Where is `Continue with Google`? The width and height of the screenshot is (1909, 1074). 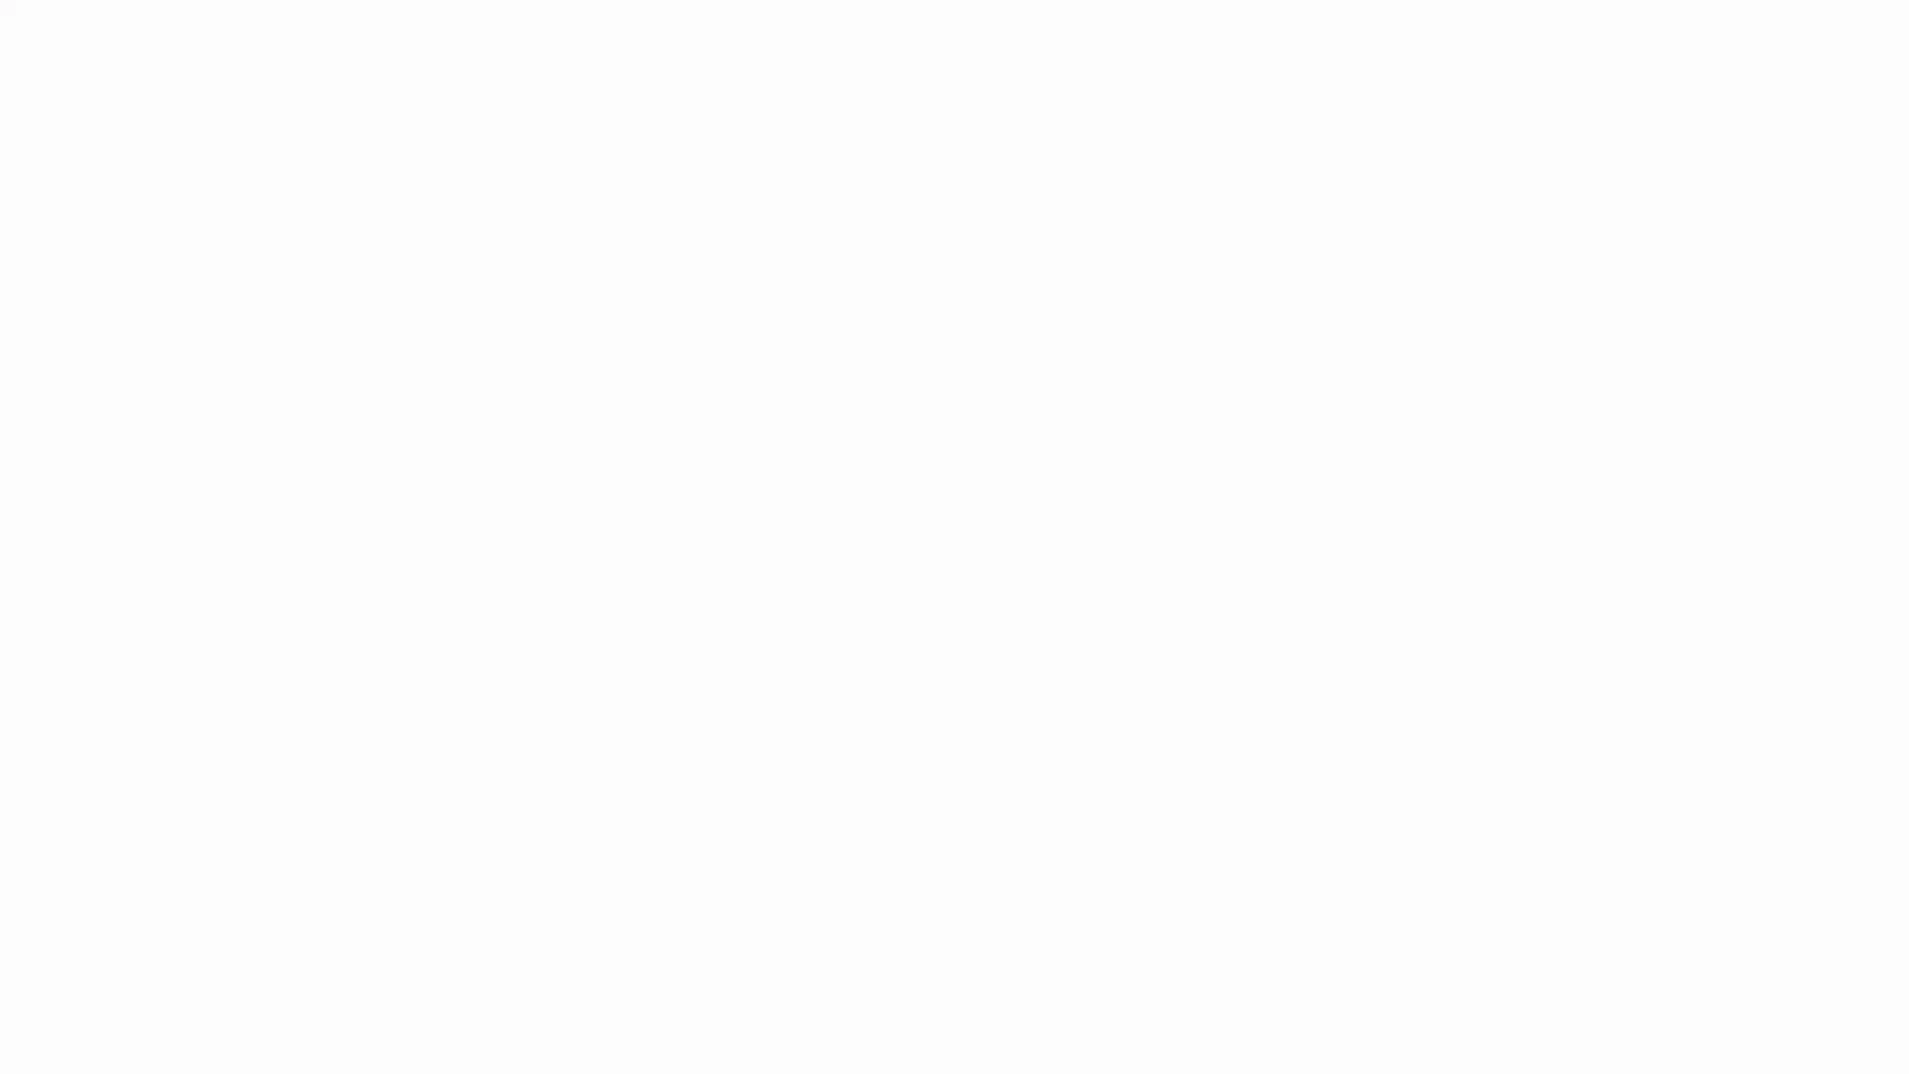 Continue with Google is located at coordinates (1187, 354).